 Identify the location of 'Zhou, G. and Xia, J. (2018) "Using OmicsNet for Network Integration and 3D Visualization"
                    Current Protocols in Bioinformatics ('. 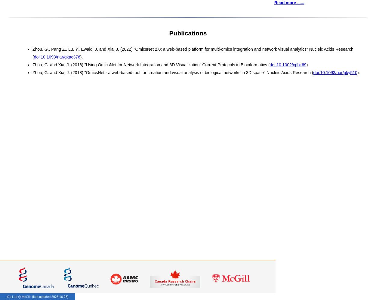
(32, 64).